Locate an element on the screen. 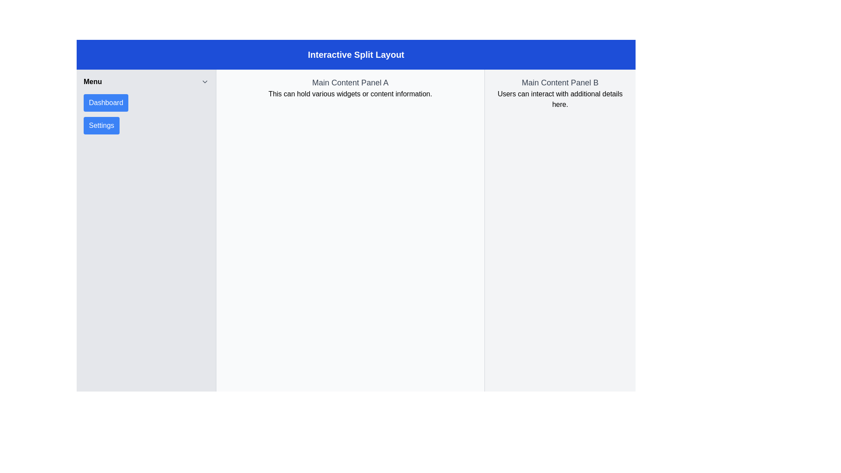  the static instructional text that reads 'Users can interact with additional details here.' located beneath the title 'Main Content Panel B' in the right section of the split layout interface is located at coordinates (559, 99).